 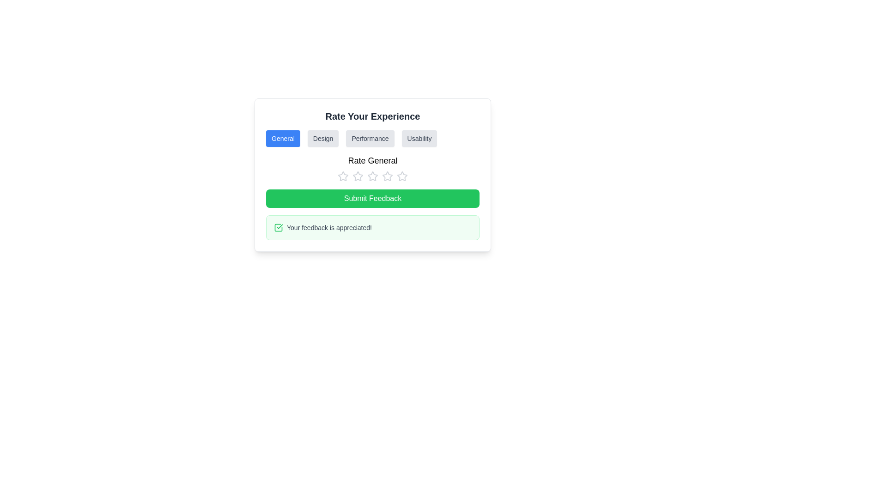 What do you see at coordinates (343, 176) in the screenshot?
I see `on the first star icon in the interactive star rating system` at bounding box center [343, 176].